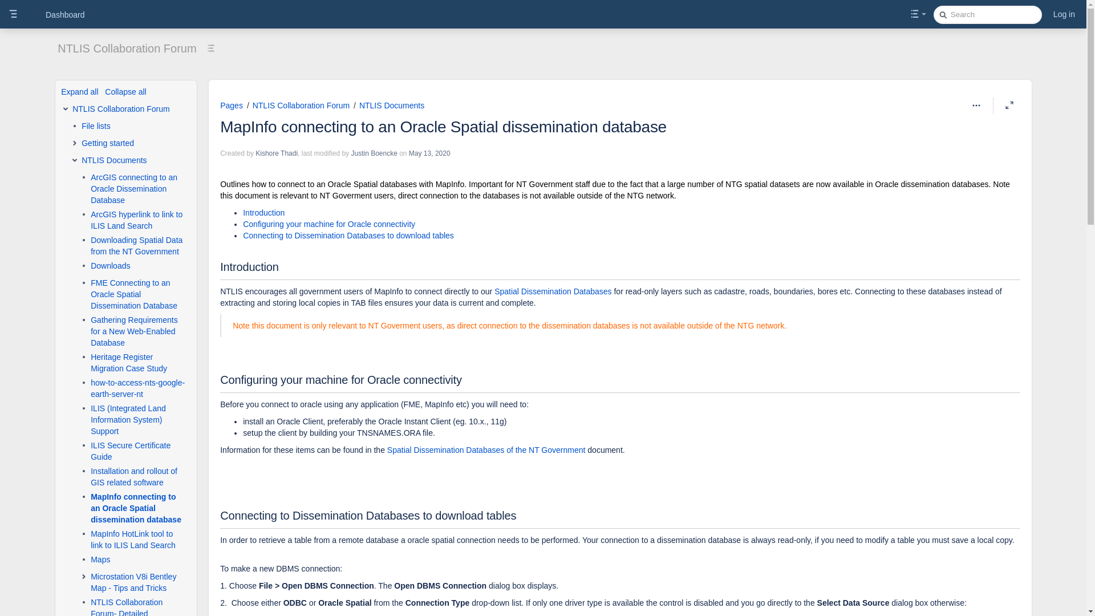 The image size is (1095, 616). I want to click on 'MapInfo HotLink tool to link to ILIS Land Search', so click(90, 539).